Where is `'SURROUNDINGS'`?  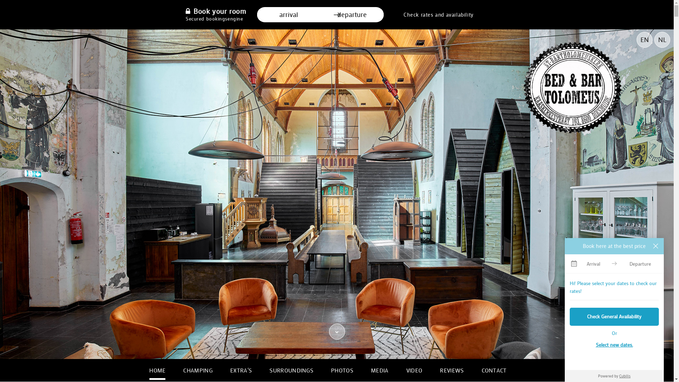 'SURROUNDINGS' is located at coordinates (291, 370).